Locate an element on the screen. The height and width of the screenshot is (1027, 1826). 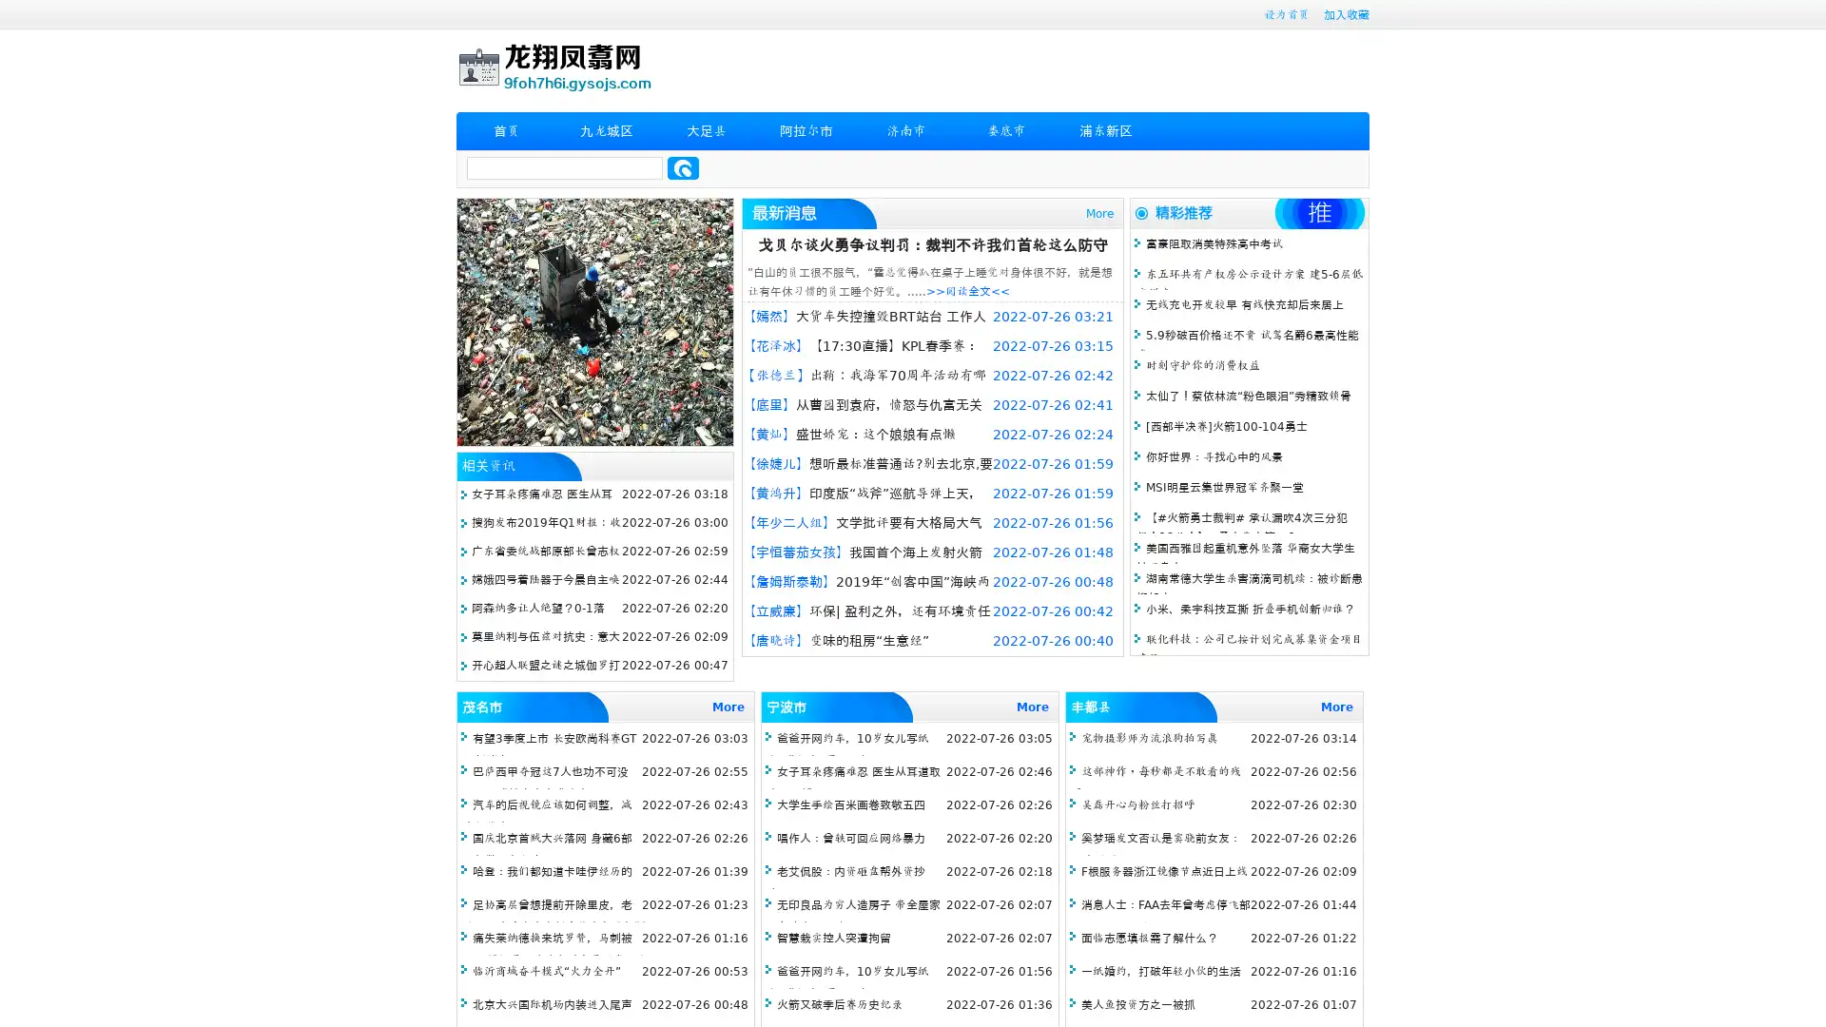
Search is located at coordinates (683, 167).